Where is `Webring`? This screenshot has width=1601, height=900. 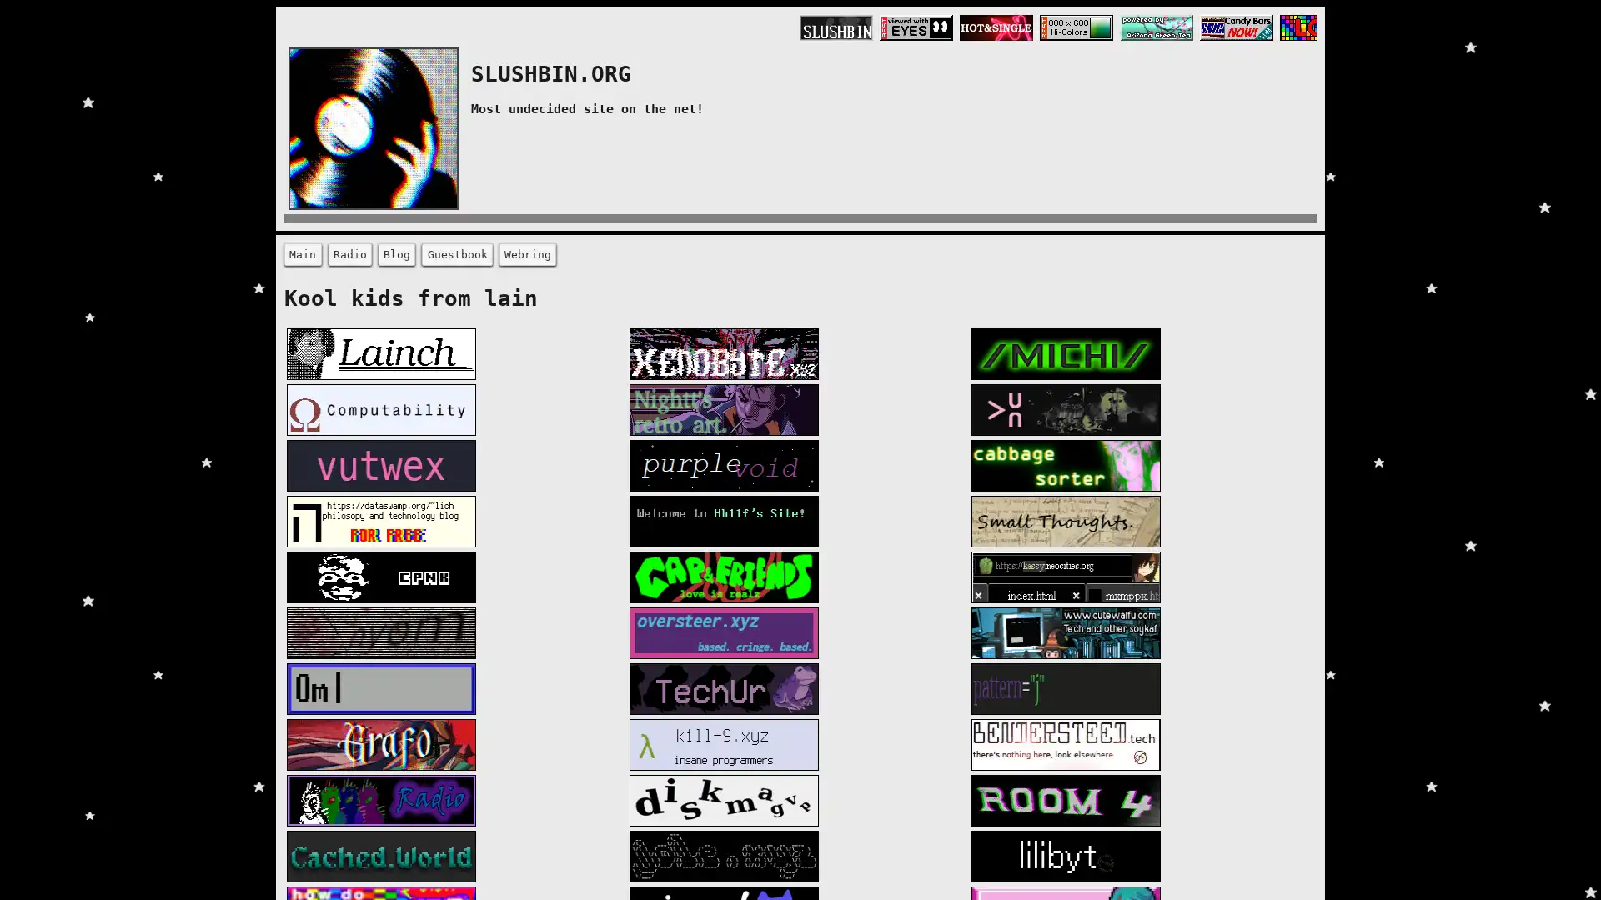
Webring is located at coordinates (526, 254).